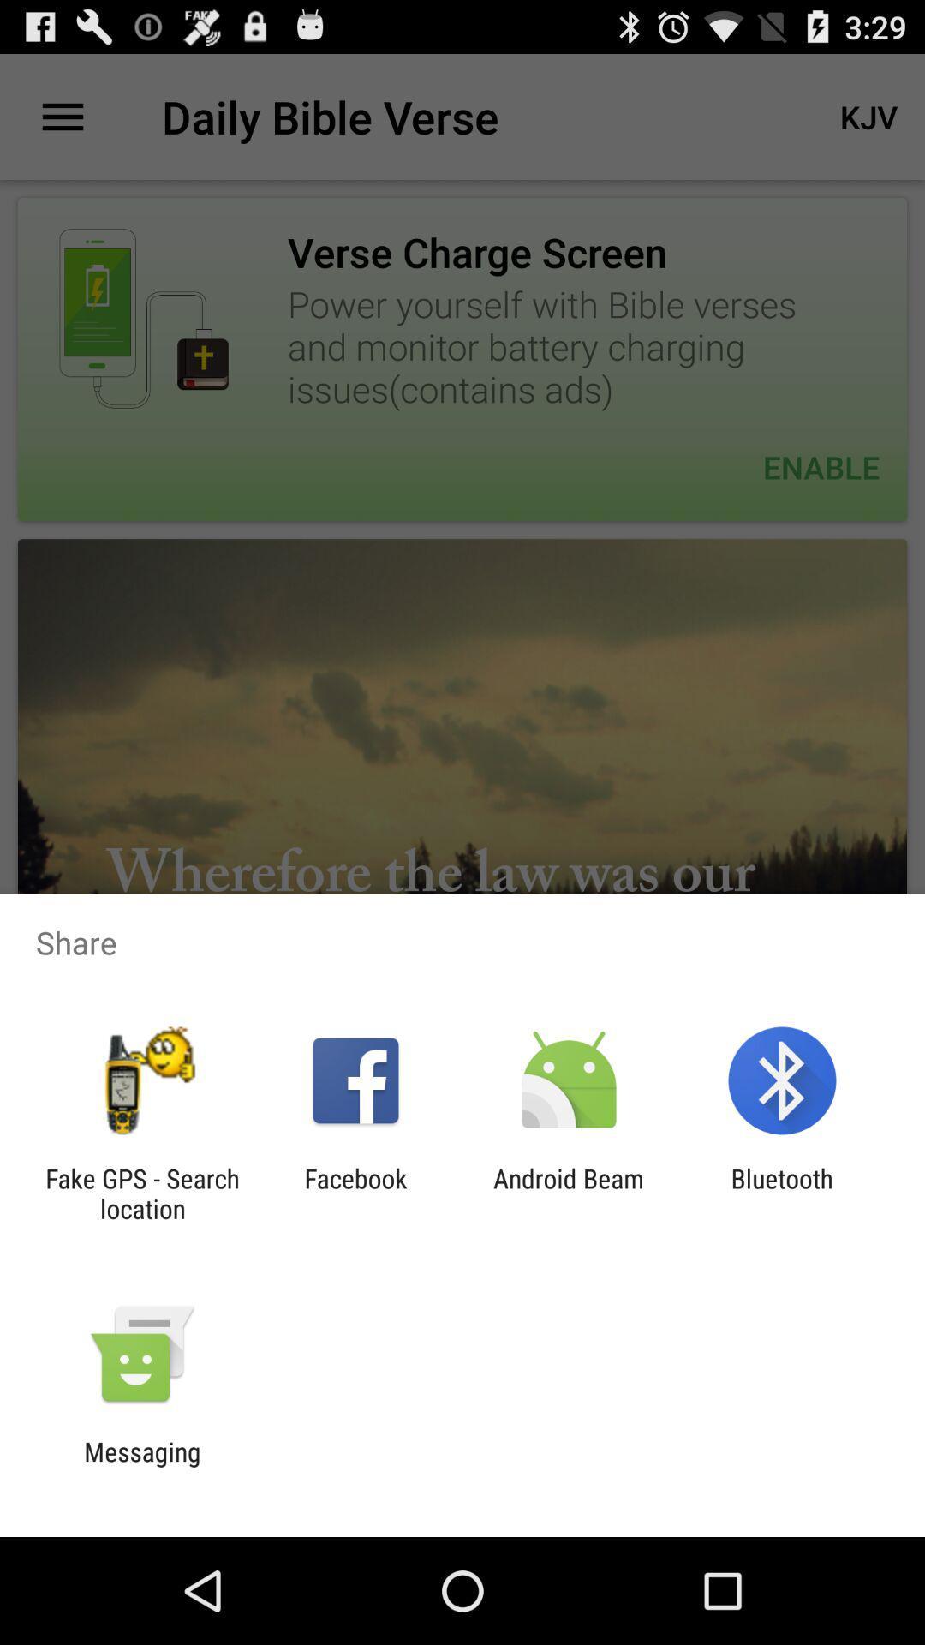  Describe the element at coordinates (569, 1193) in the screenshot. I see `the icon next to bluetooth item` at that location.